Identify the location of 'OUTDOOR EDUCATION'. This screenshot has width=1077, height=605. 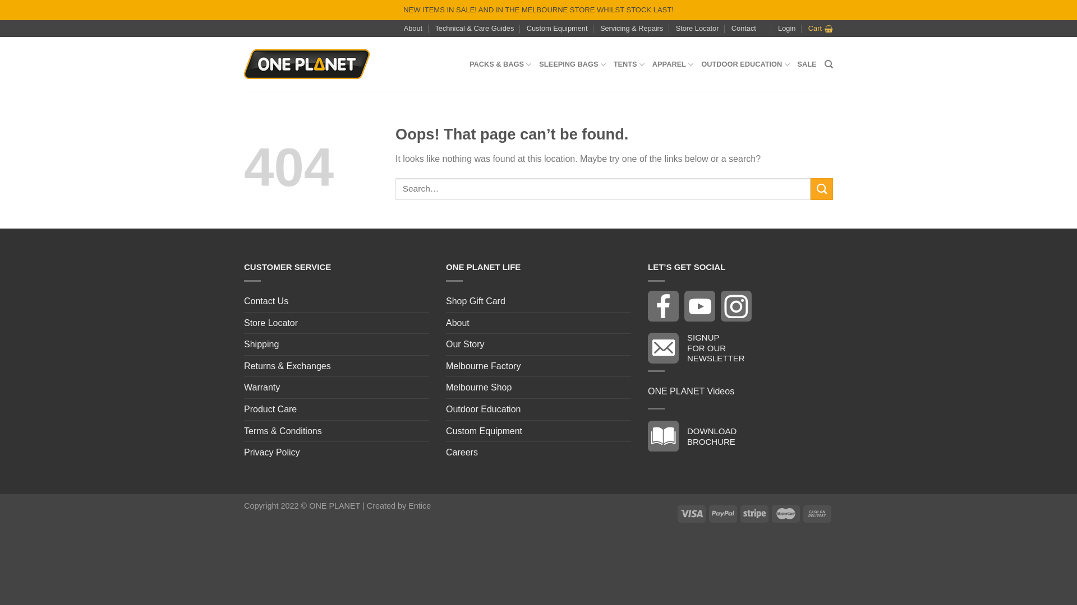
(745, 64).